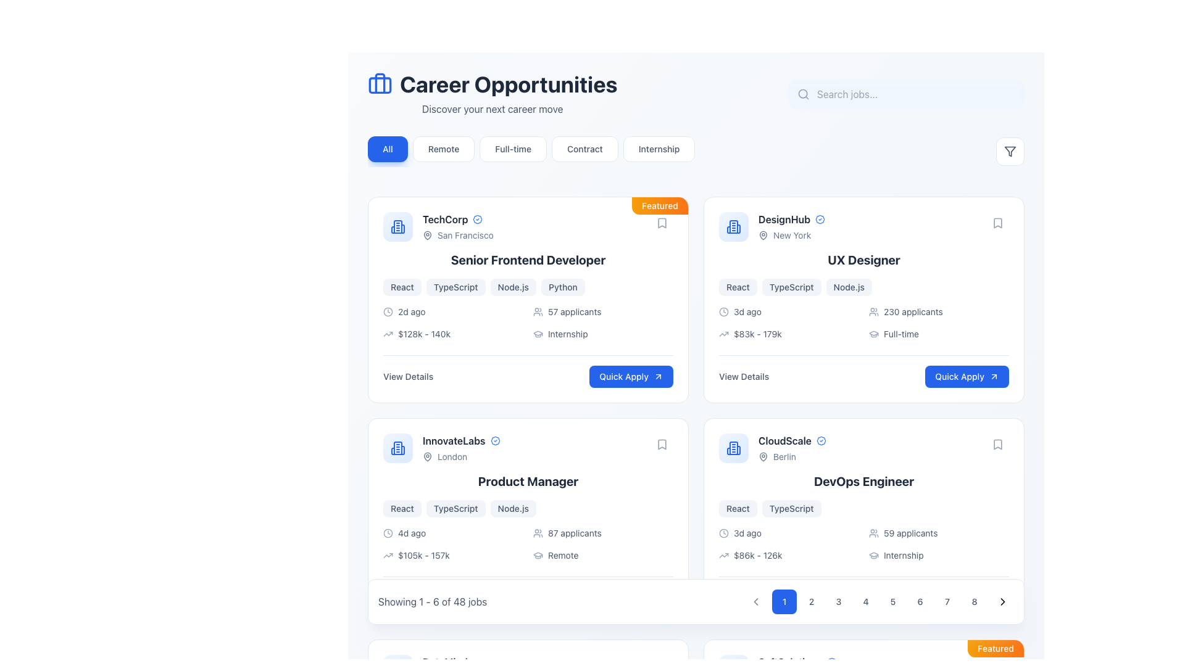 This screenshot has width=1185, height=666. What do you see at coordinates (723, 532) in the screenshot?
I see `the circular clock icon with an outlined design located in the '3d ago' section, to the left of the text content for the 'DevOps Engineer' job post at 'CloudScale'` at bounding box center [723, 532].